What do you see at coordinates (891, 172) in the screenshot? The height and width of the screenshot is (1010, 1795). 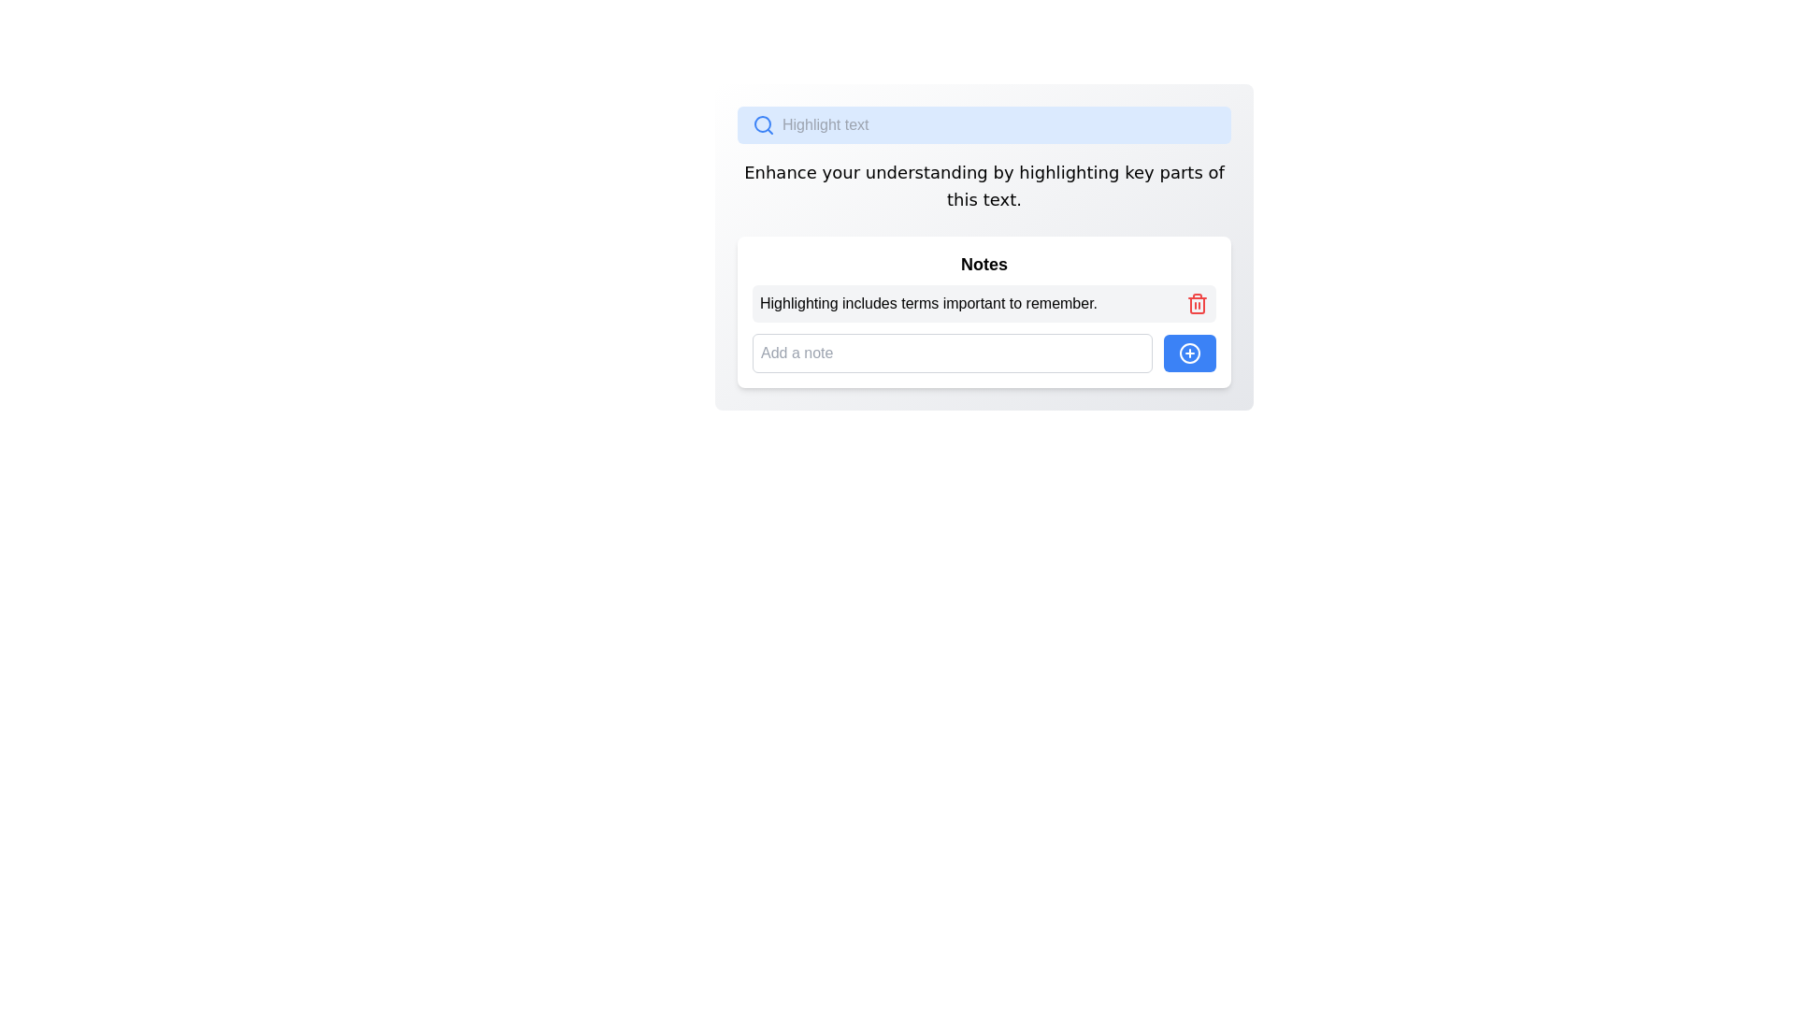 I see `the letter 'd' which is displayed in plain text as part of the sentence 'Enhance your understanding by highlighting key parts of this text.'` at bounding box center [891, 172].